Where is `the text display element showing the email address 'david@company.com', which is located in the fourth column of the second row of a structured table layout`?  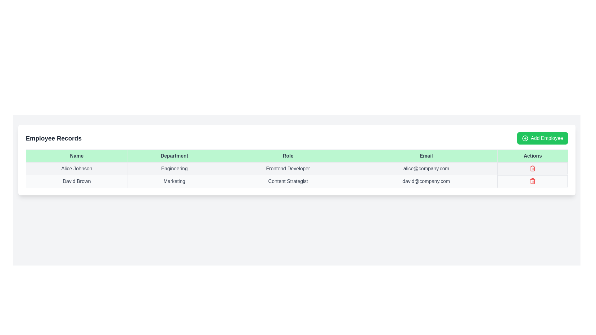 the text display element showing the email address 'david@company.com', which is located in the fourth column of the second row of a structured table layout is located at coordinates (426, 181).